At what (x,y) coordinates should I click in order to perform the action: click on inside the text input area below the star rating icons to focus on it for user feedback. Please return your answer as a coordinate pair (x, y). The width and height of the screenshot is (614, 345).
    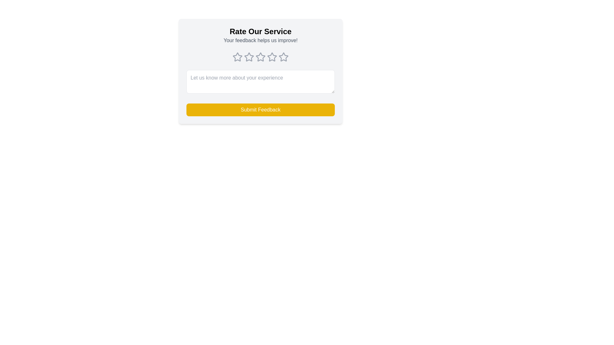
    Looking at the image, I should click on (261, 82).